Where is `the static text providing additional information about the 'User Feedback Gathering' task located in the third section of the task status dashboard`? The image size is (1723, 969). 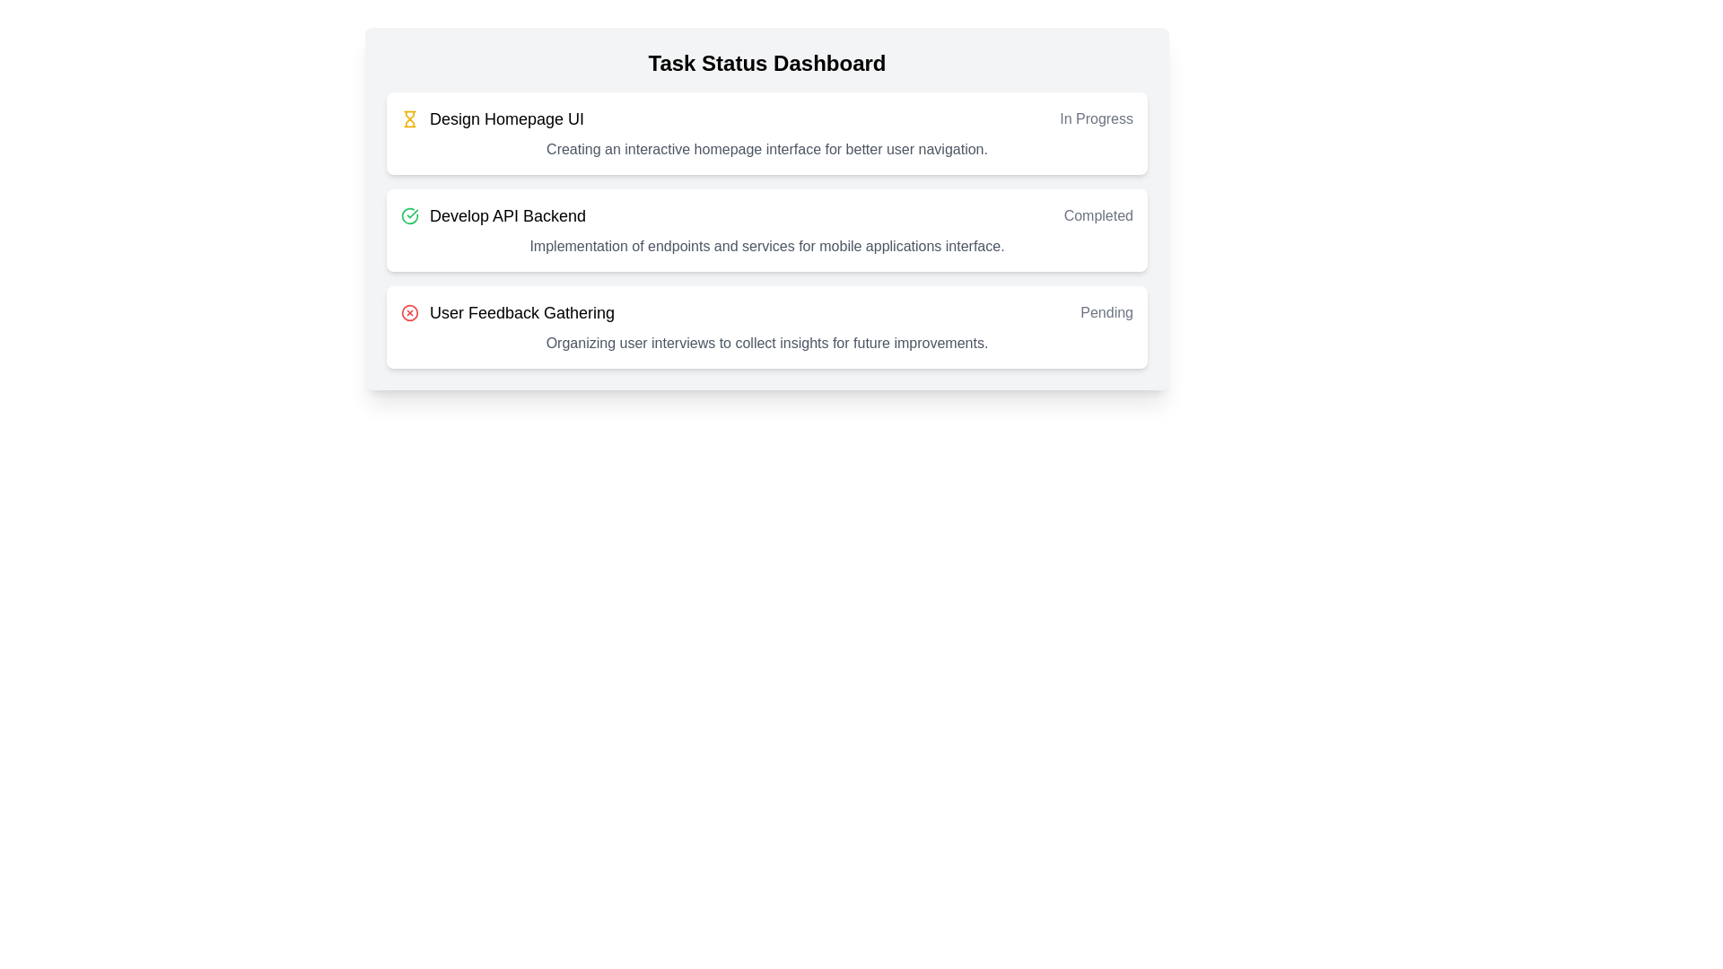 the static text providing additional information about the 'User Feedback Gathering' task located in the third section of the task status dashboard is located at coordinates (766, 343).